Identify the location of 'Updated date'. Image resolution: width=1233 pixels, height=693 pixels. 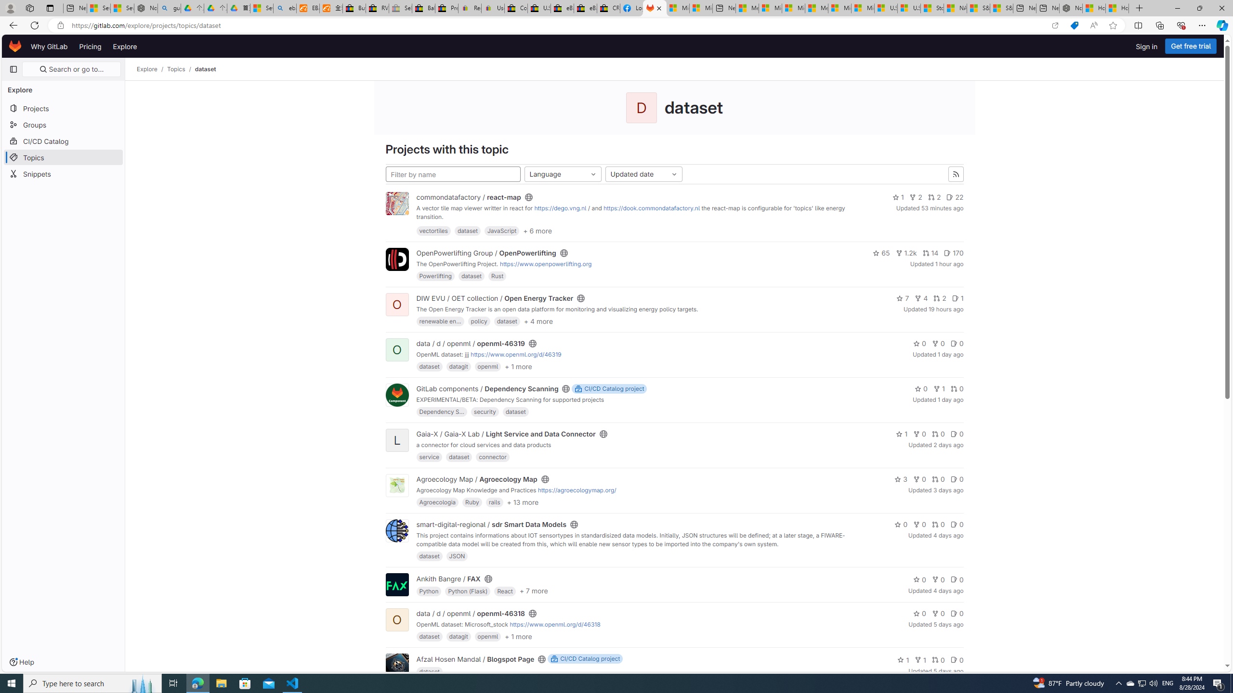
(644, 174).